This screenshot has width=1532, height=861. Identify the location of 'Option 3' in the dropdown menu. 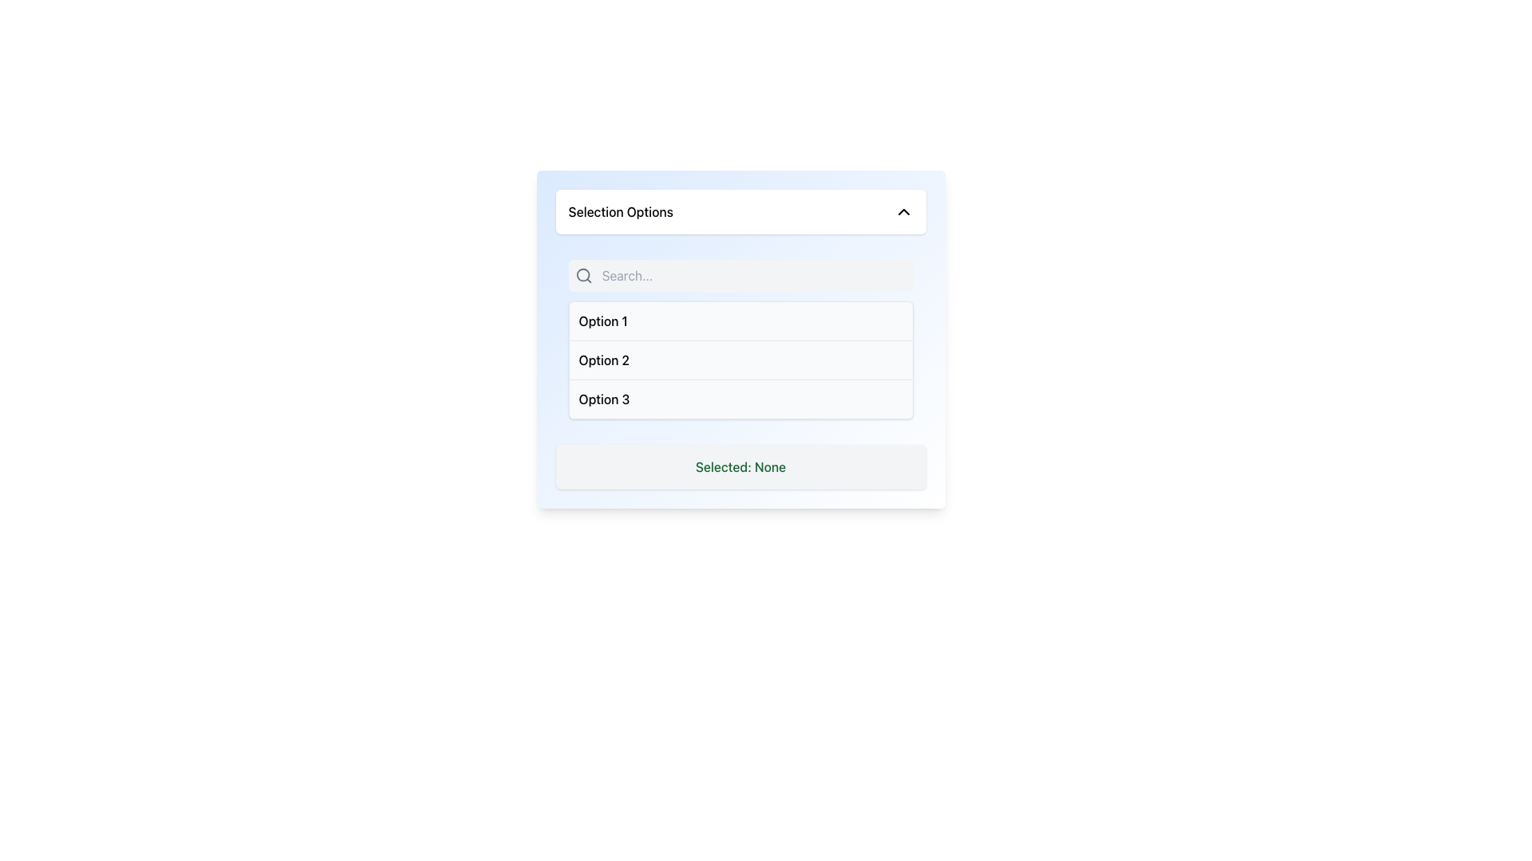
(740, 398).